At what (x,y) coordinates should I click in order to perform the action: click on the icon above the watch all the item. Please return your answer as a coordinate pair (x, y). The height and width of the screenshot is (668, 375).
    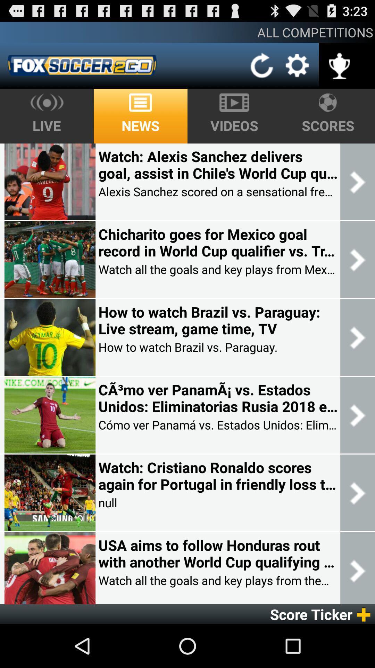
    Looking at the image, I should click on (217, 553).